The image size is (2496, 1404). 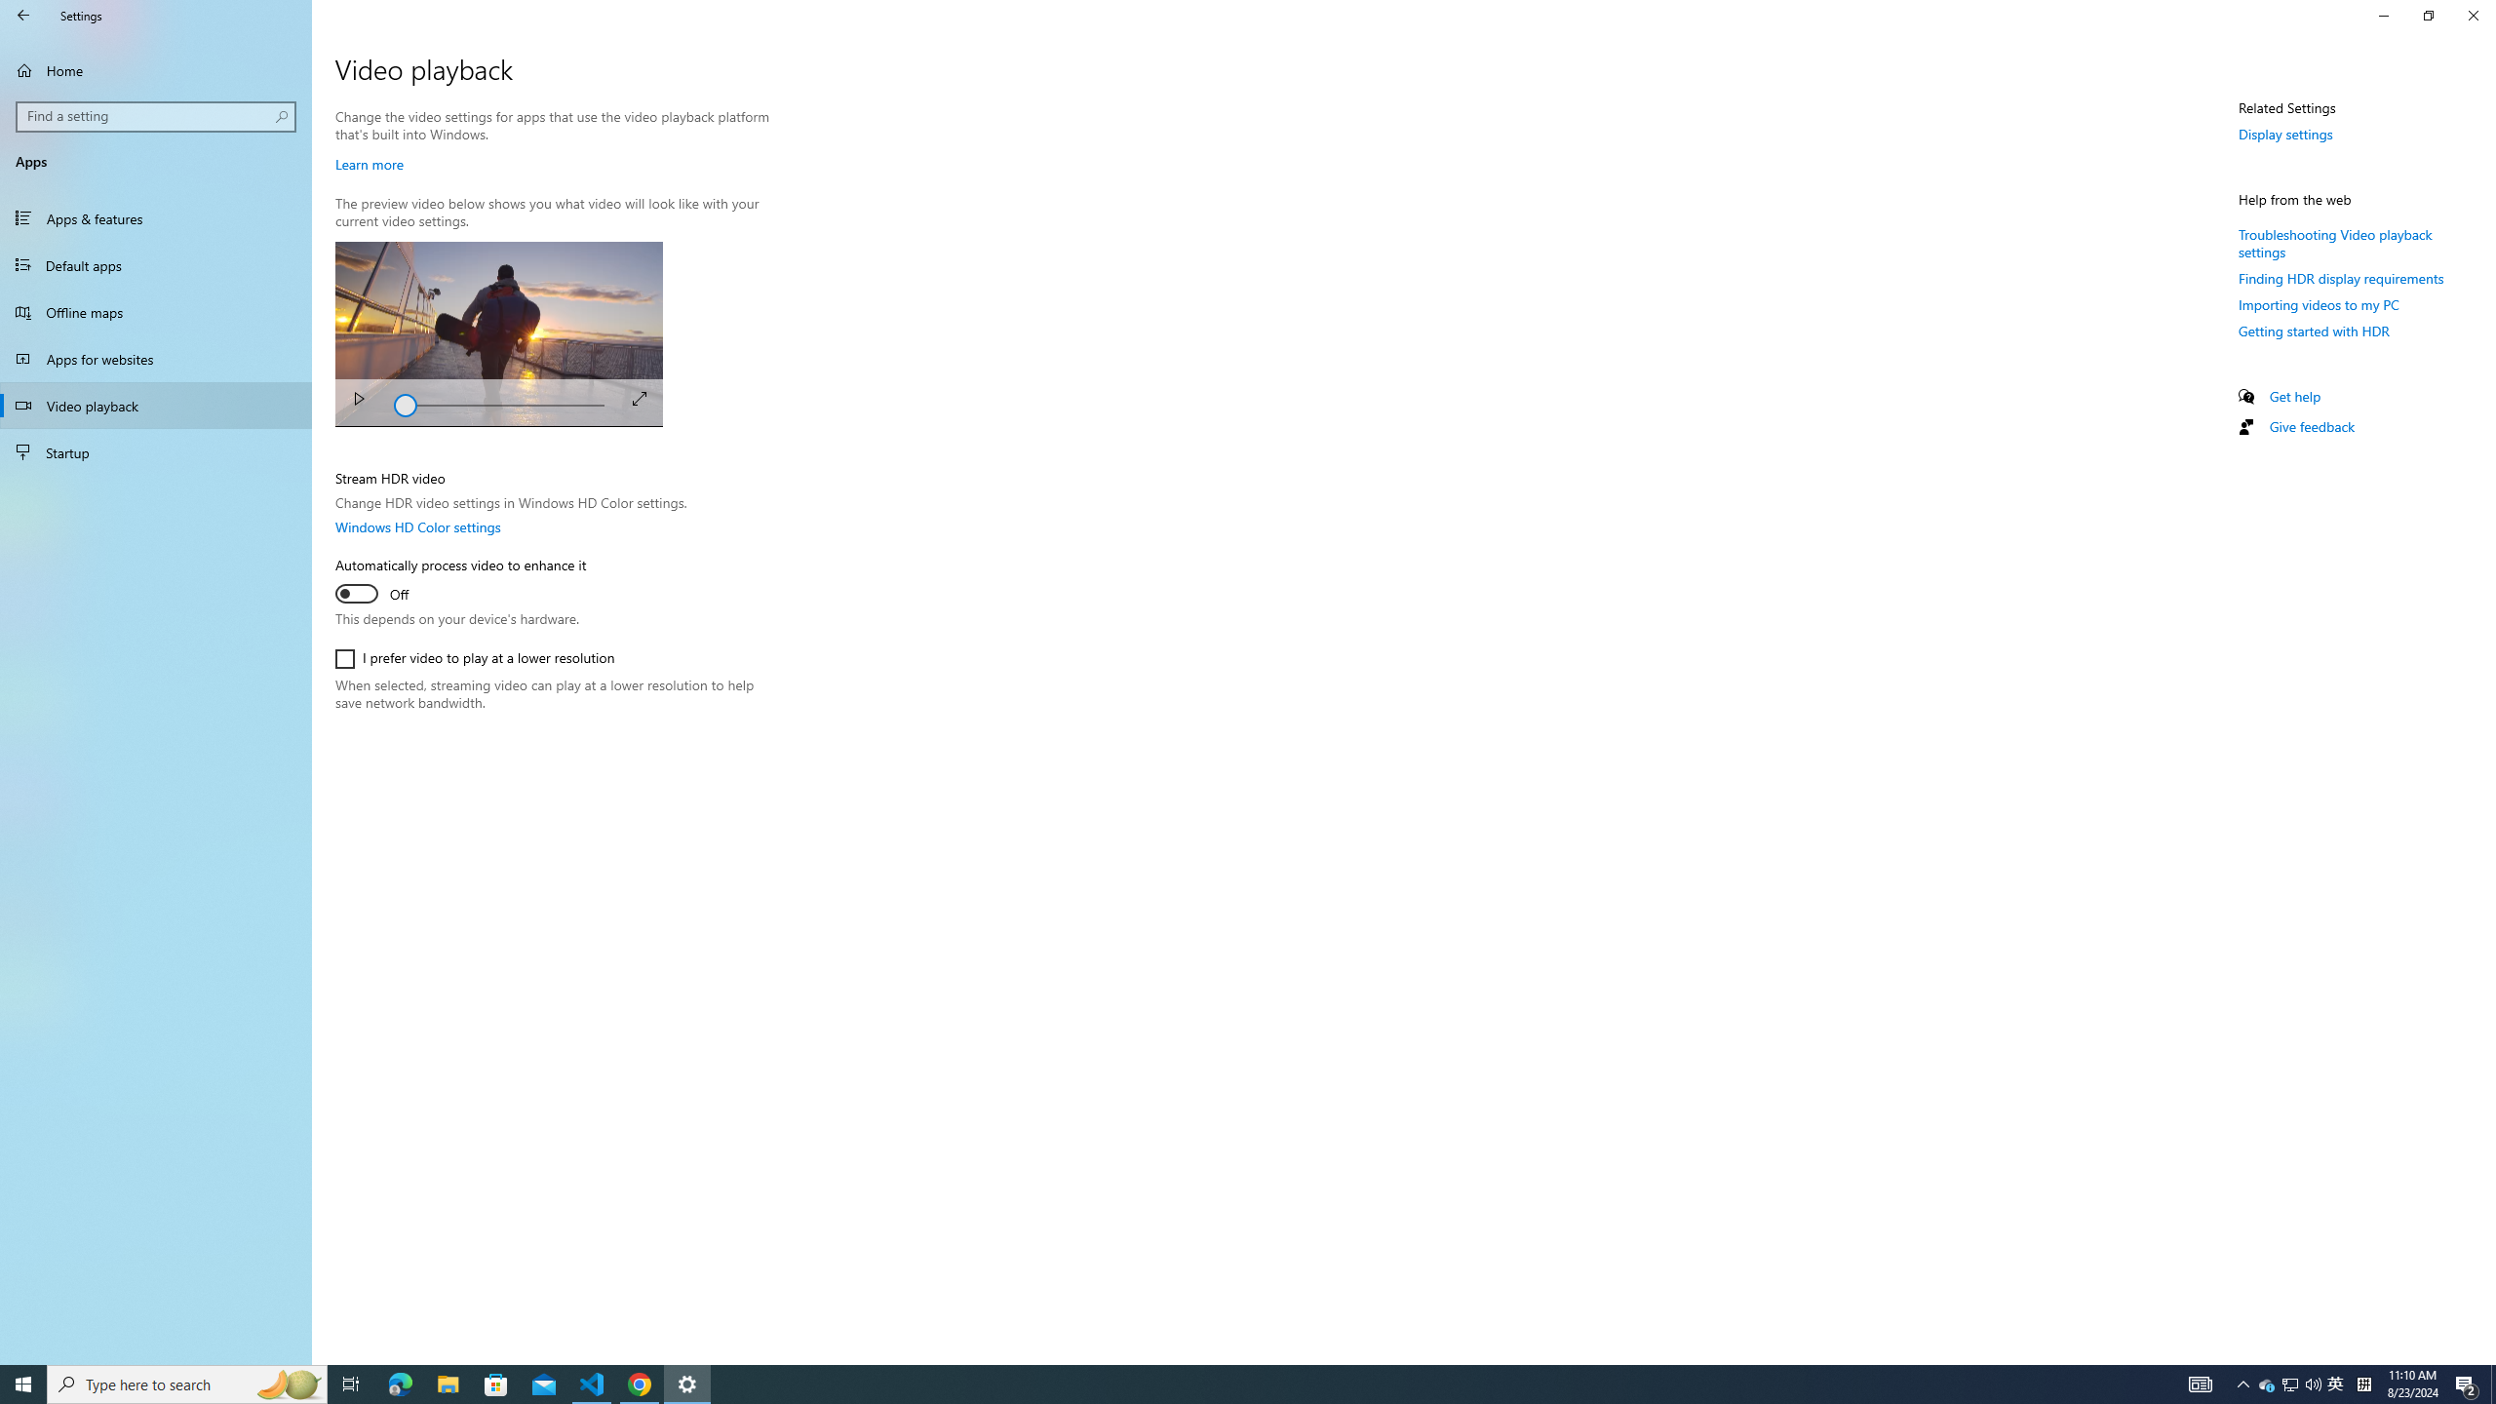 I want to click on 'Play', so click(x=357, y=401).